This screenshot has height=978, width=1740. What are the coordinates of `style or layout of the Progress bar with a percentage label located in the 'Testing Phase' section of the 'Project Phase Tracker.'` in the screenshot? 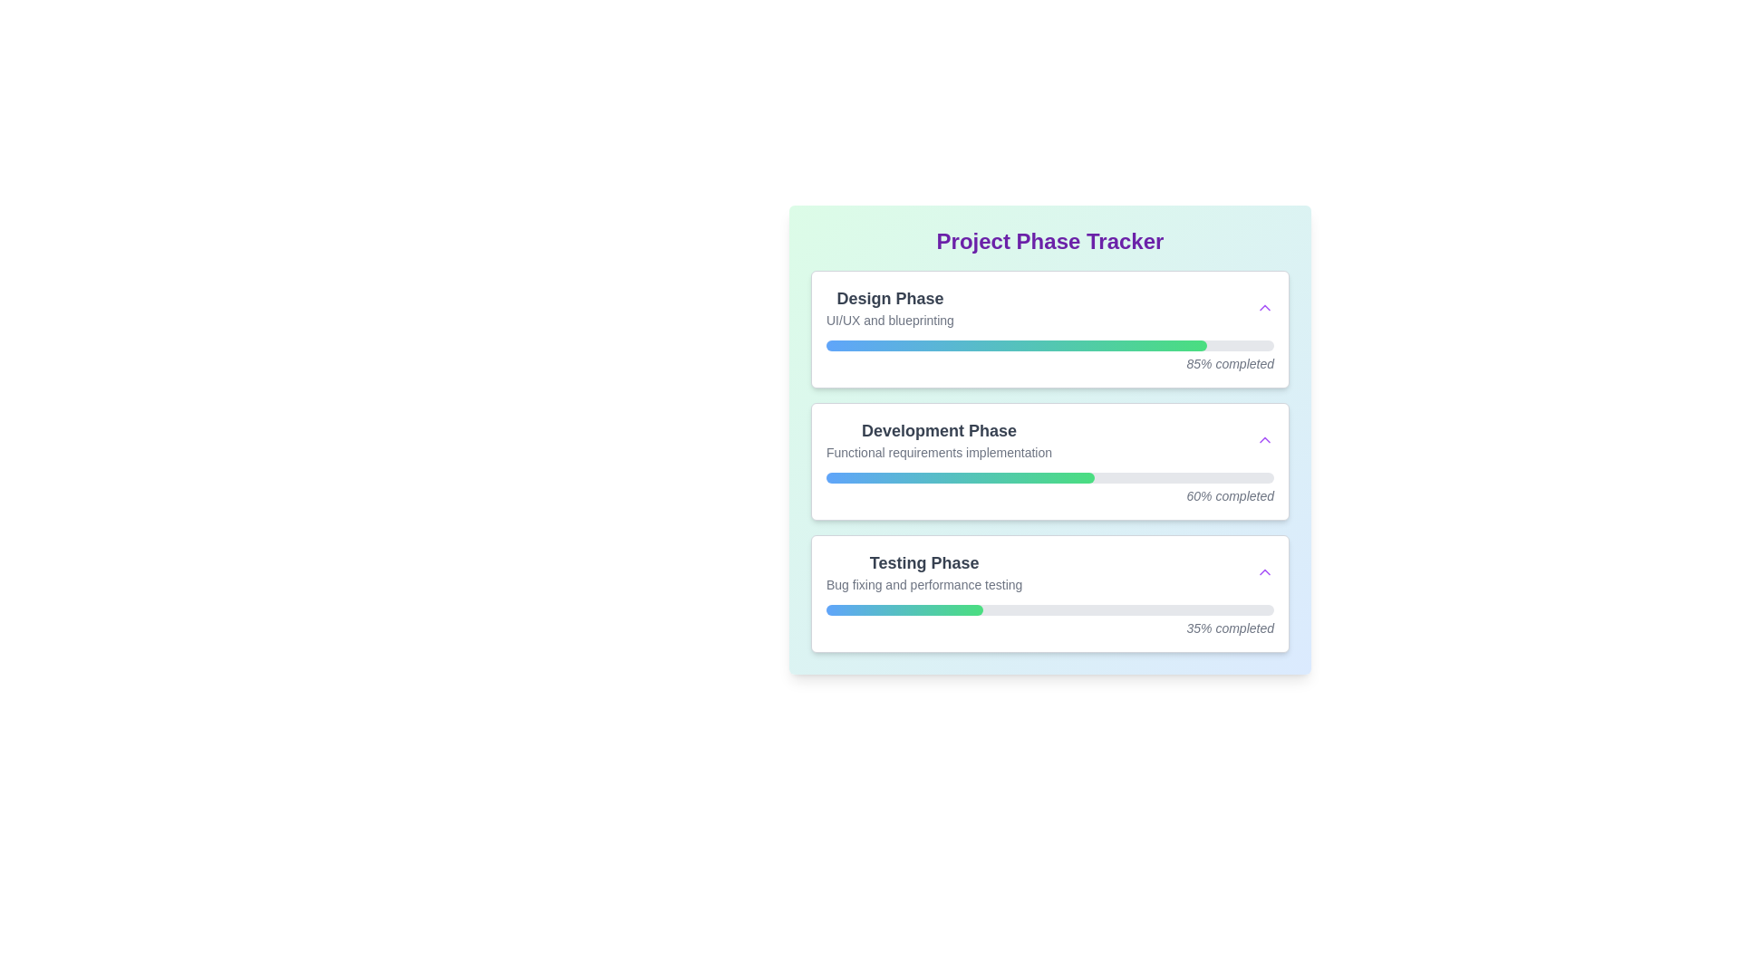 It's located at (1049, 620).